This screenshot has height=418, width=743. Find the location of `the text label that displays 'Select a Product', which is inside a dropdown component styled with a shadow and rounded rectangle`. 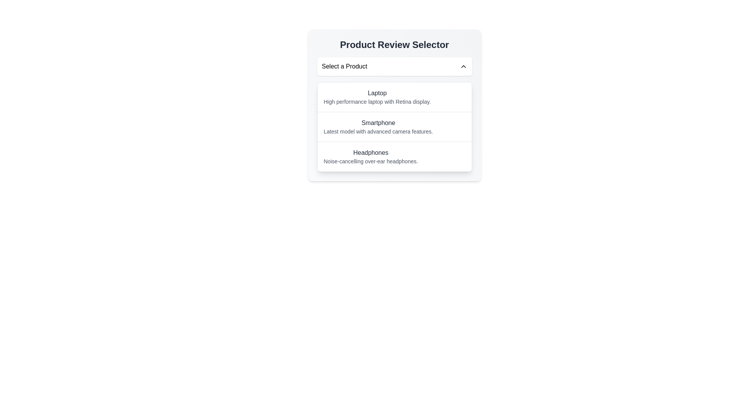

the text label that displays 'Select a Product', which is inside a dropdown component styled with a shadow and rounded rectangle is located at coordinates (344, 66).